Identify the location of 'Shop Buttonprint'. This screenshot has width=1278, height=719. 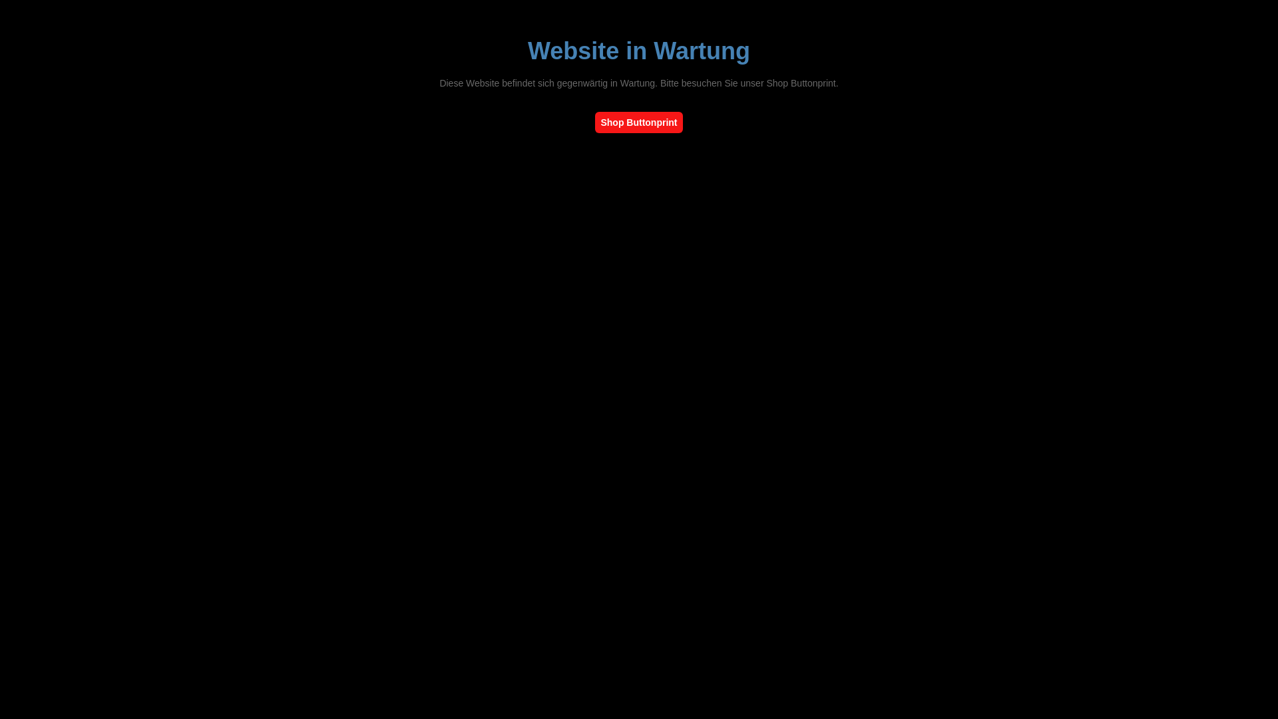
(638, 122).